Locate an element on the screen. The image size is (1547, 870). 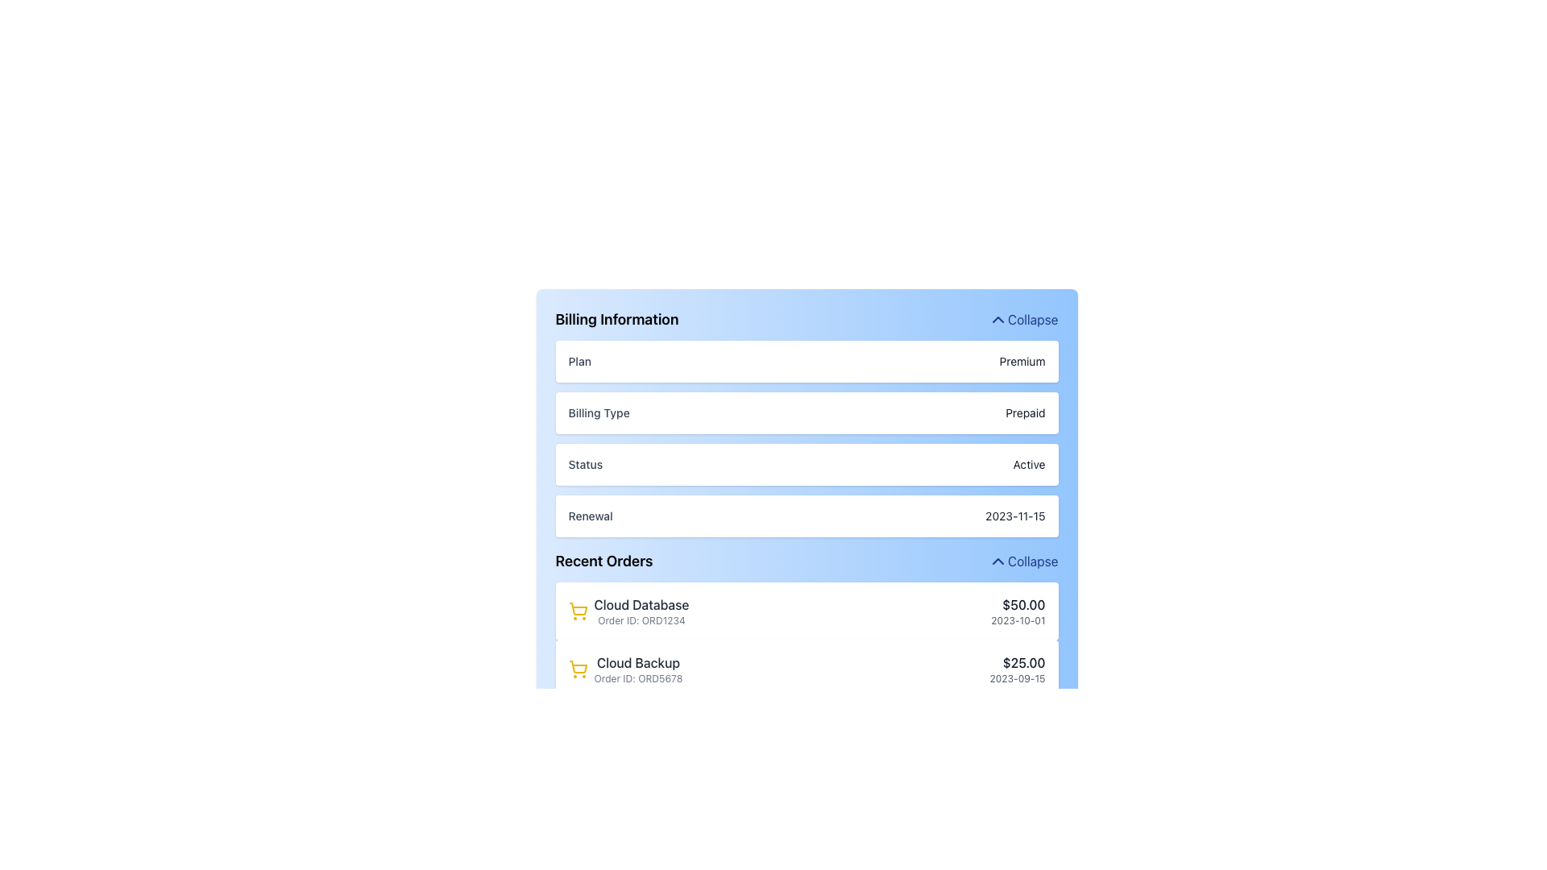
the title text displaying 'Billing Information' in bold font style, located in the upper left of a light blue section, above the 'Collapse' text and an upward arrow icon is located at coordinates (616, 320).